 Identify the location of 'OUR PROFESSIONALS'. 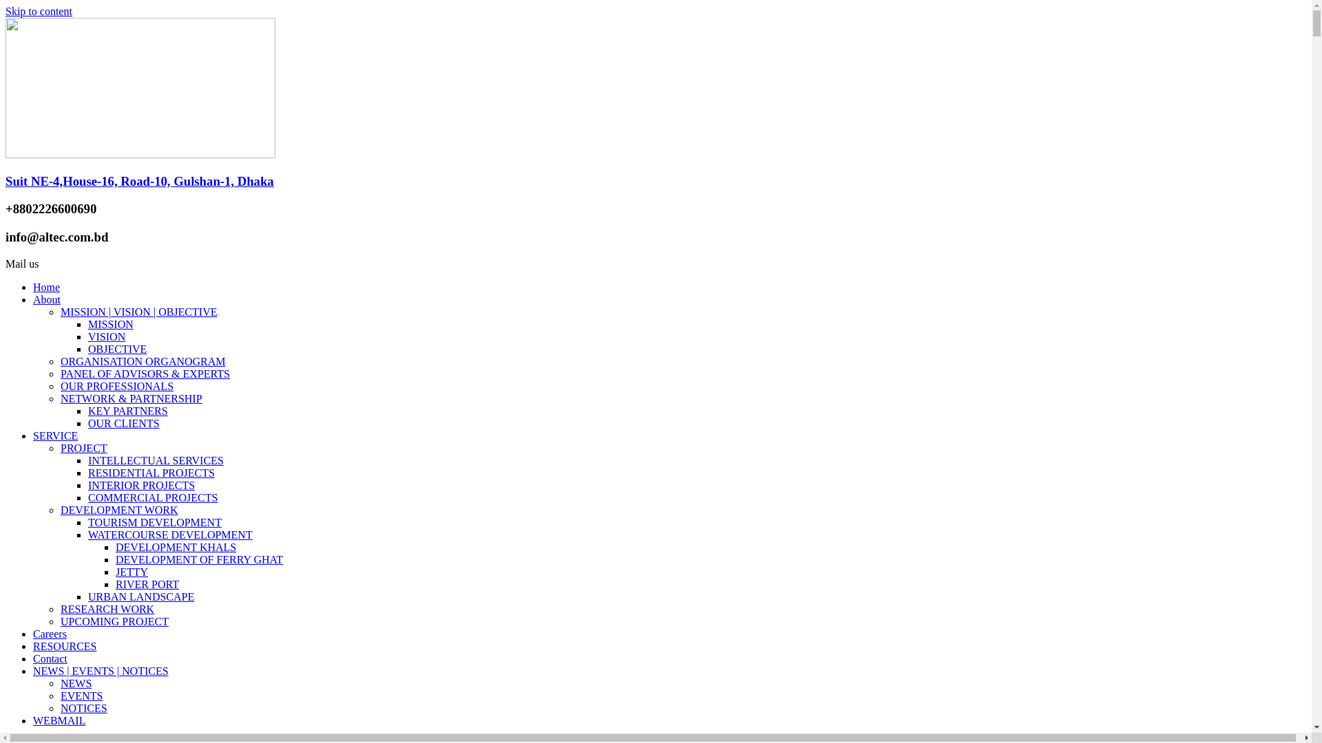
(116, 386).